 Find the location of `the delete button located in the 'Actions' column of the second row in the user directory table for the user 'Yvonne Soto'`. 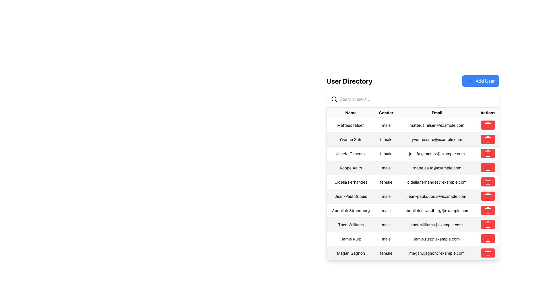

the delete button located in the 'Actions' column of the second row in the user directory table for the user 'Yvonne Soto' is located at coordinates (487, 139).